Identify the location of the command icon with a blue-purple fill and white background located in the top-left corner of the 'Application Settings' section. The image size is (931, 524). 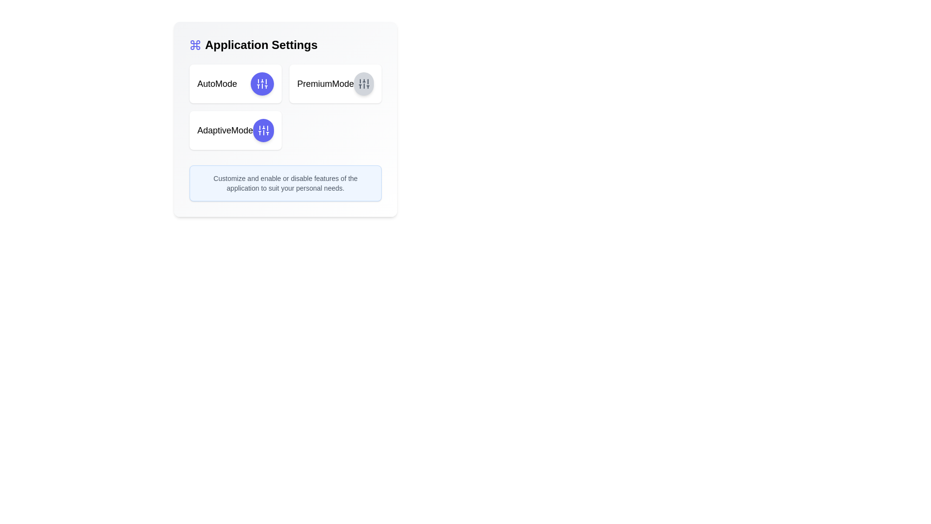
(195, 45).